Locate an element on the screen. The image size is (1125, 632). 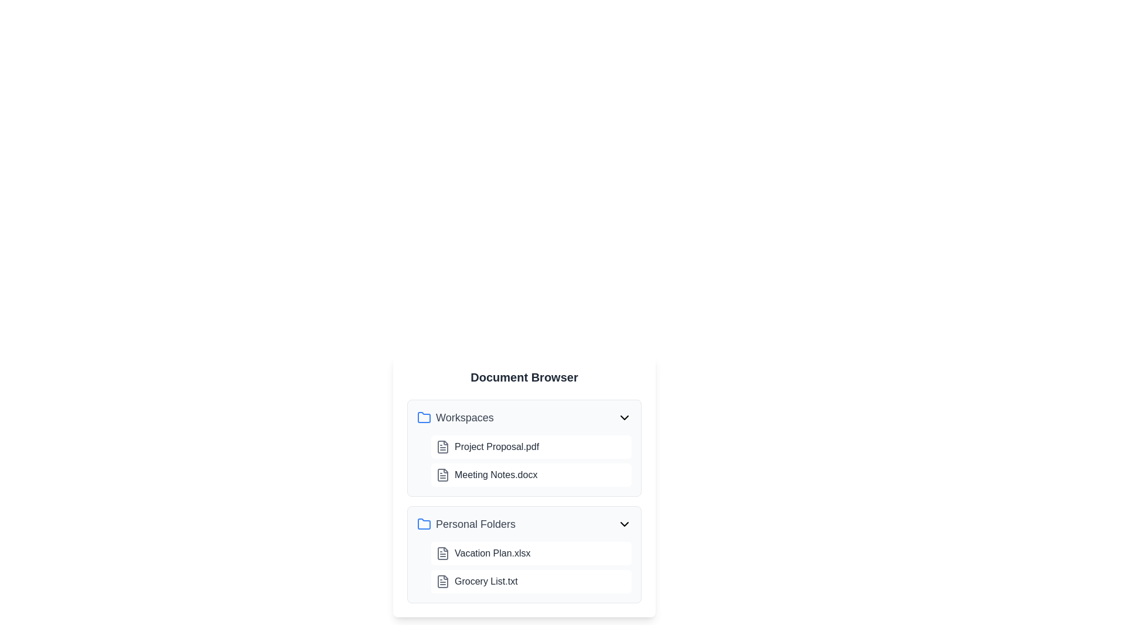
the list item representing the 'Meeting Notes.docx' document is located at coordinates (531, 475).